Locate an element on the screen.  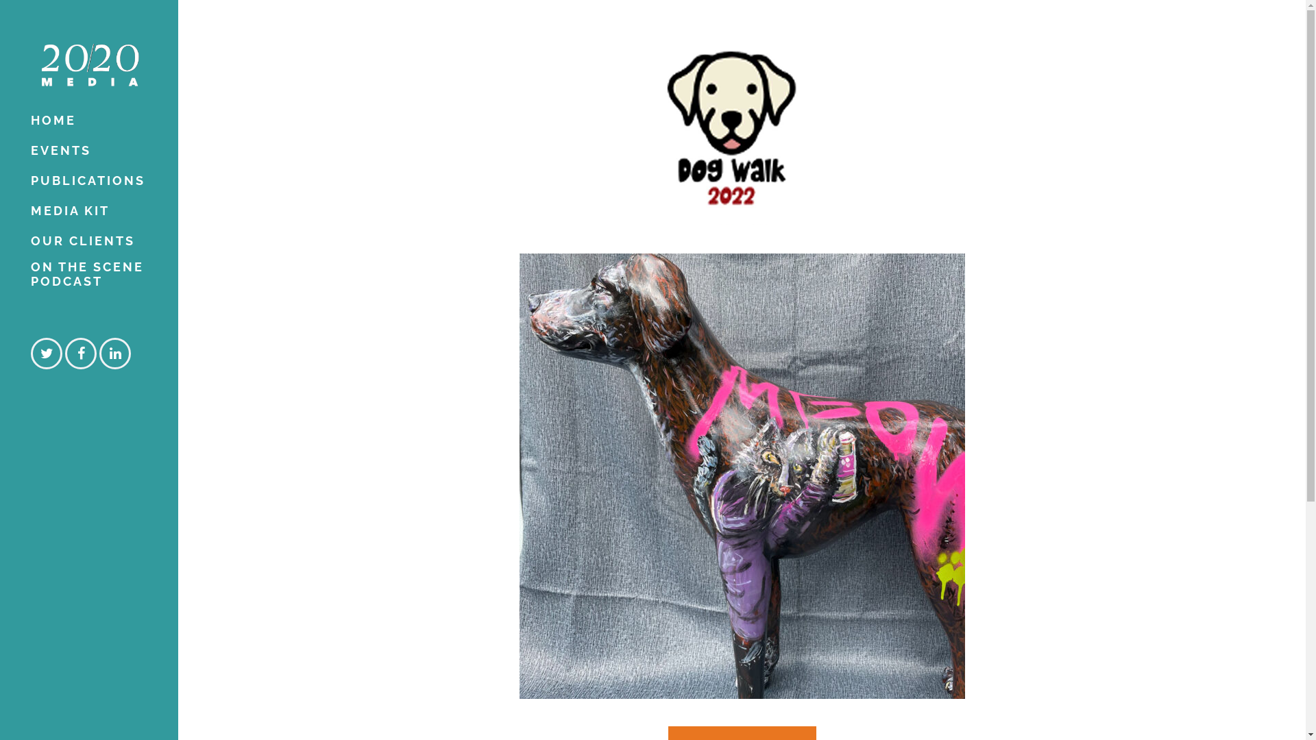
'HOME' is located at coordinates (88, 120).